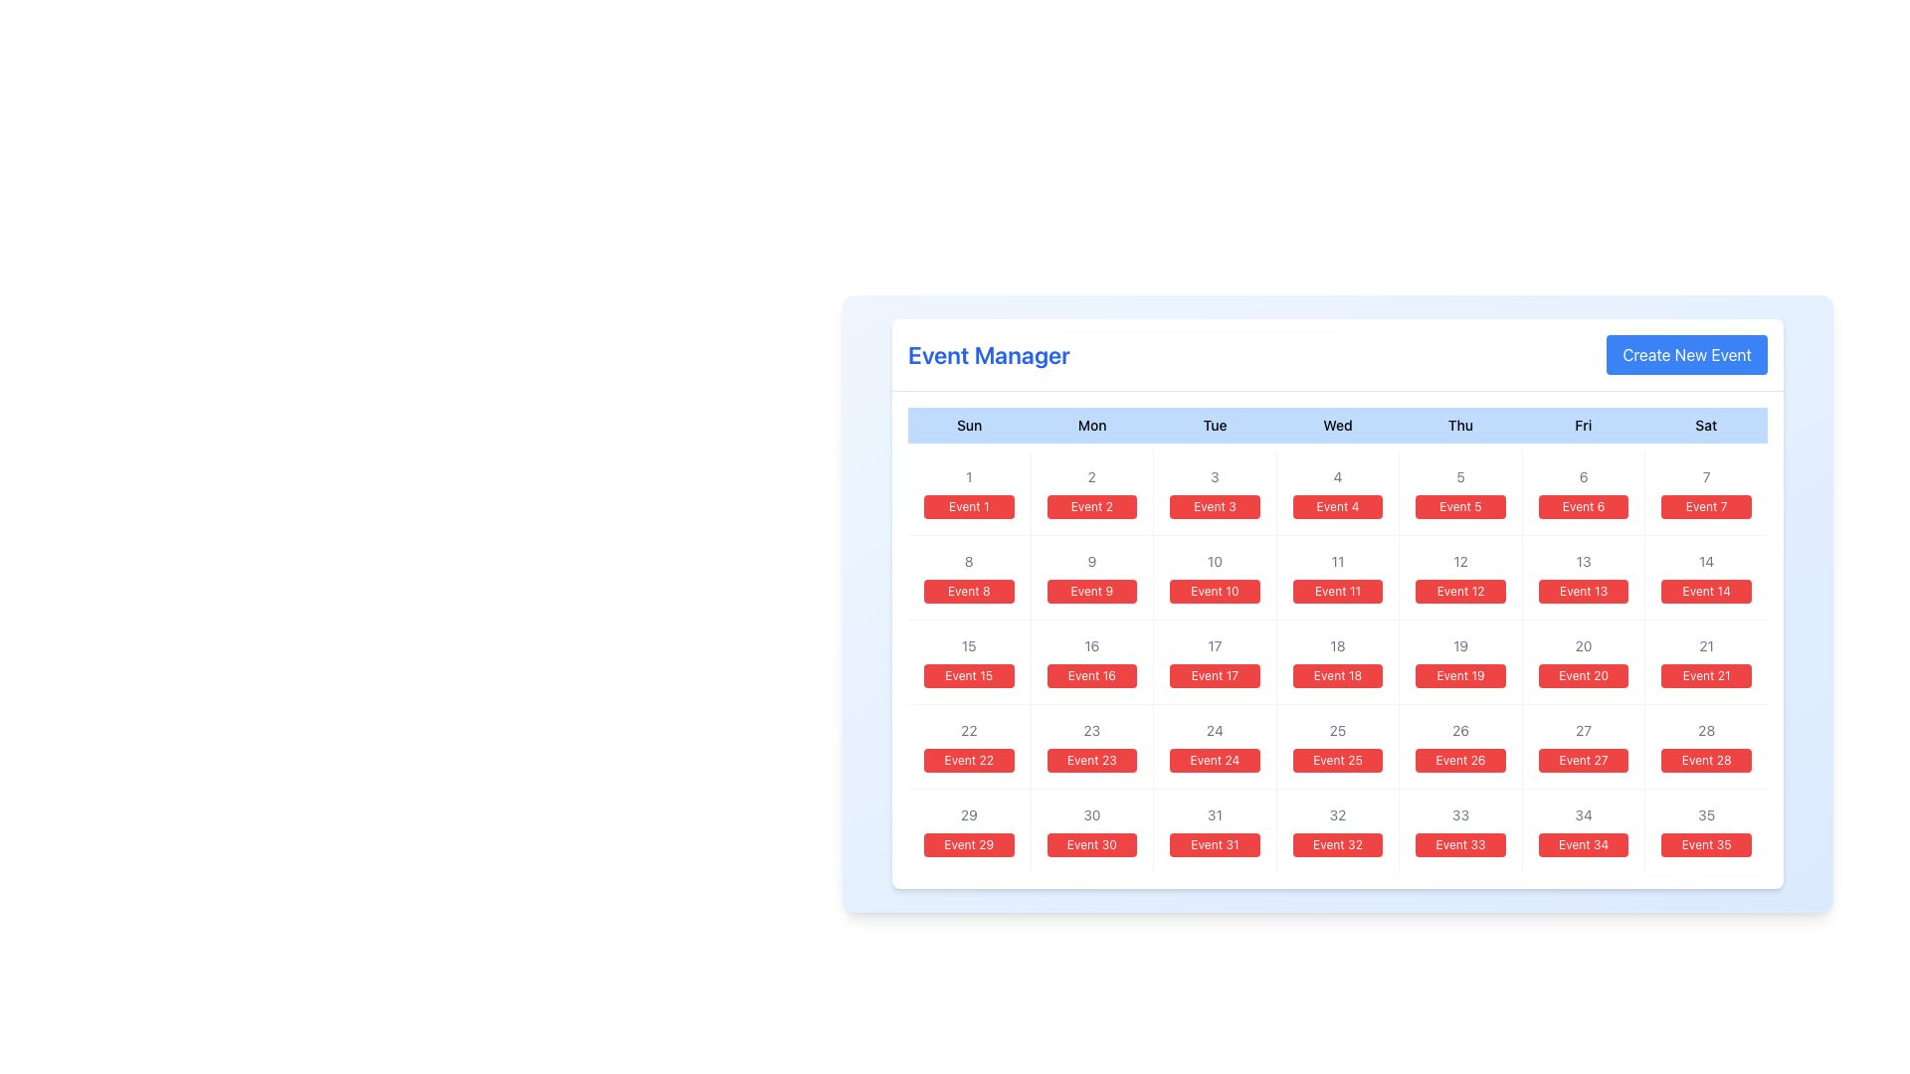  I want to click on the static text display showing the number '29', which is styled in gray and located in the last row of the calendar, so click(969, 815).